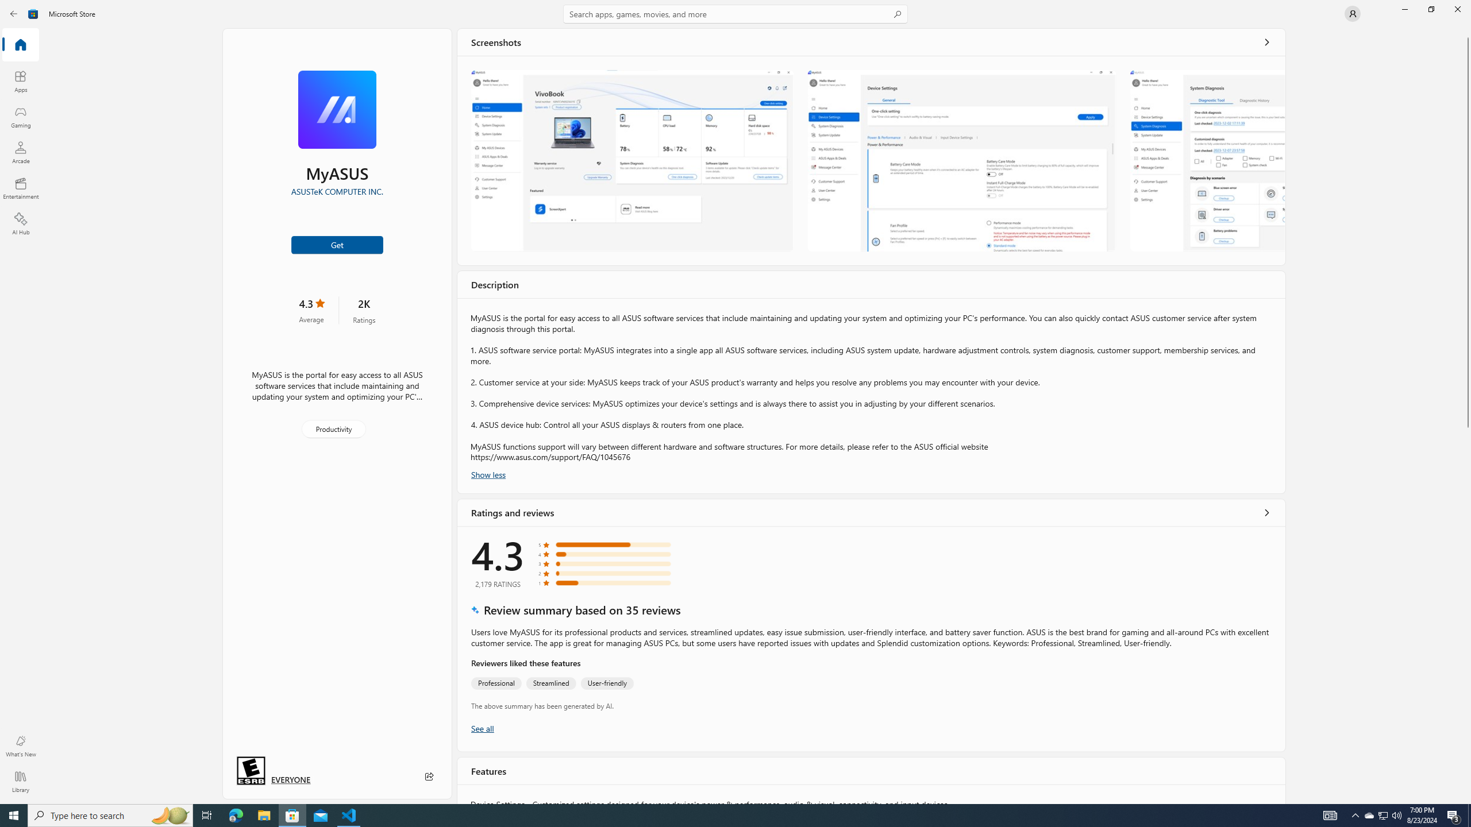  Describe the element at coordinates (1206, 160) in the screenshot. I see `'Screenshot 3'` at that location.